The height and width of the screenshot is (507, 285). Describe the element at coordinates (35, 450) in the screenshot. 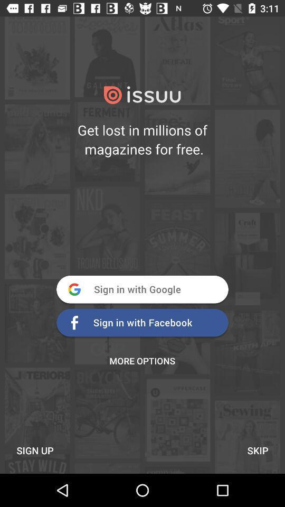

I see `sign up at the bottom left corner` at that location.